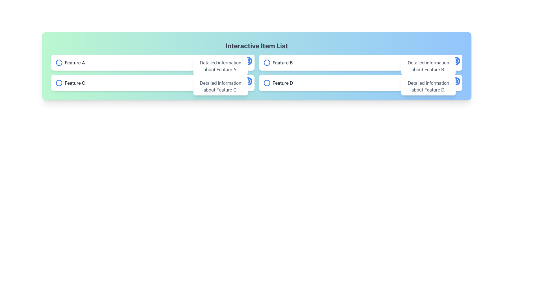 The image size is (543, 305). I want to click on the informational icon button located at the bottom-right of the list, adjacent to the 'Detailed information about Feature D' text area, so click(456, 81).